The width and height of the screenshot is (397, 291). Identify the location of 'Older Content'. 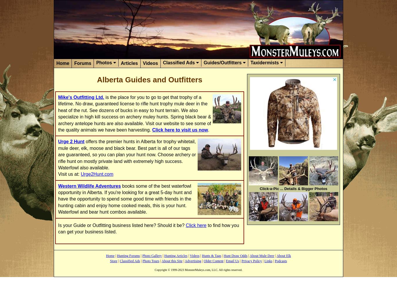
(213, 261).